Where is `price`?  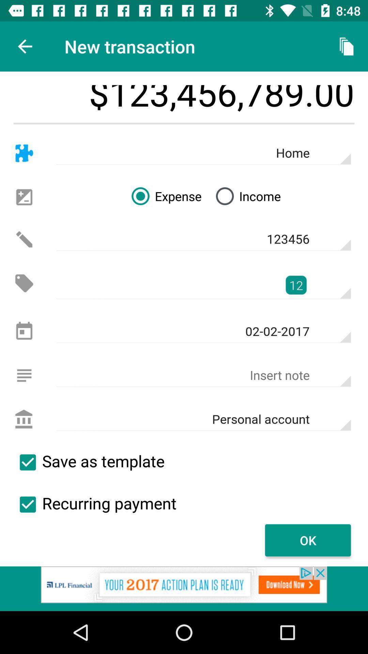 price is located at coordinates (24, 283).